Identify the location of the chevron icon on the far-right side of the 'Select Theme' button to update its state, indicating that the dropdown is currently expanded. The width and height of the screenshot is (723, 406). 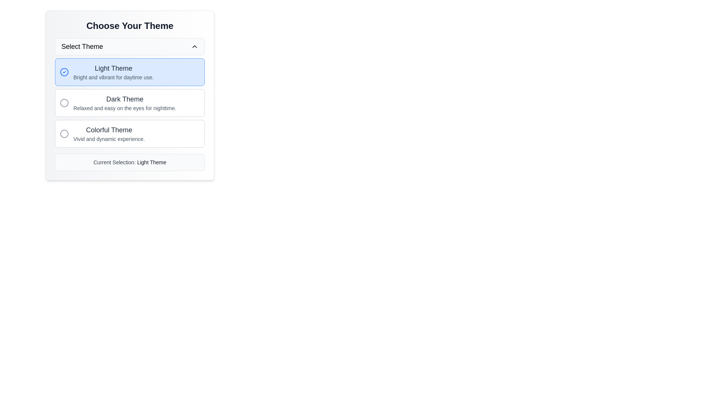
(195, 46).